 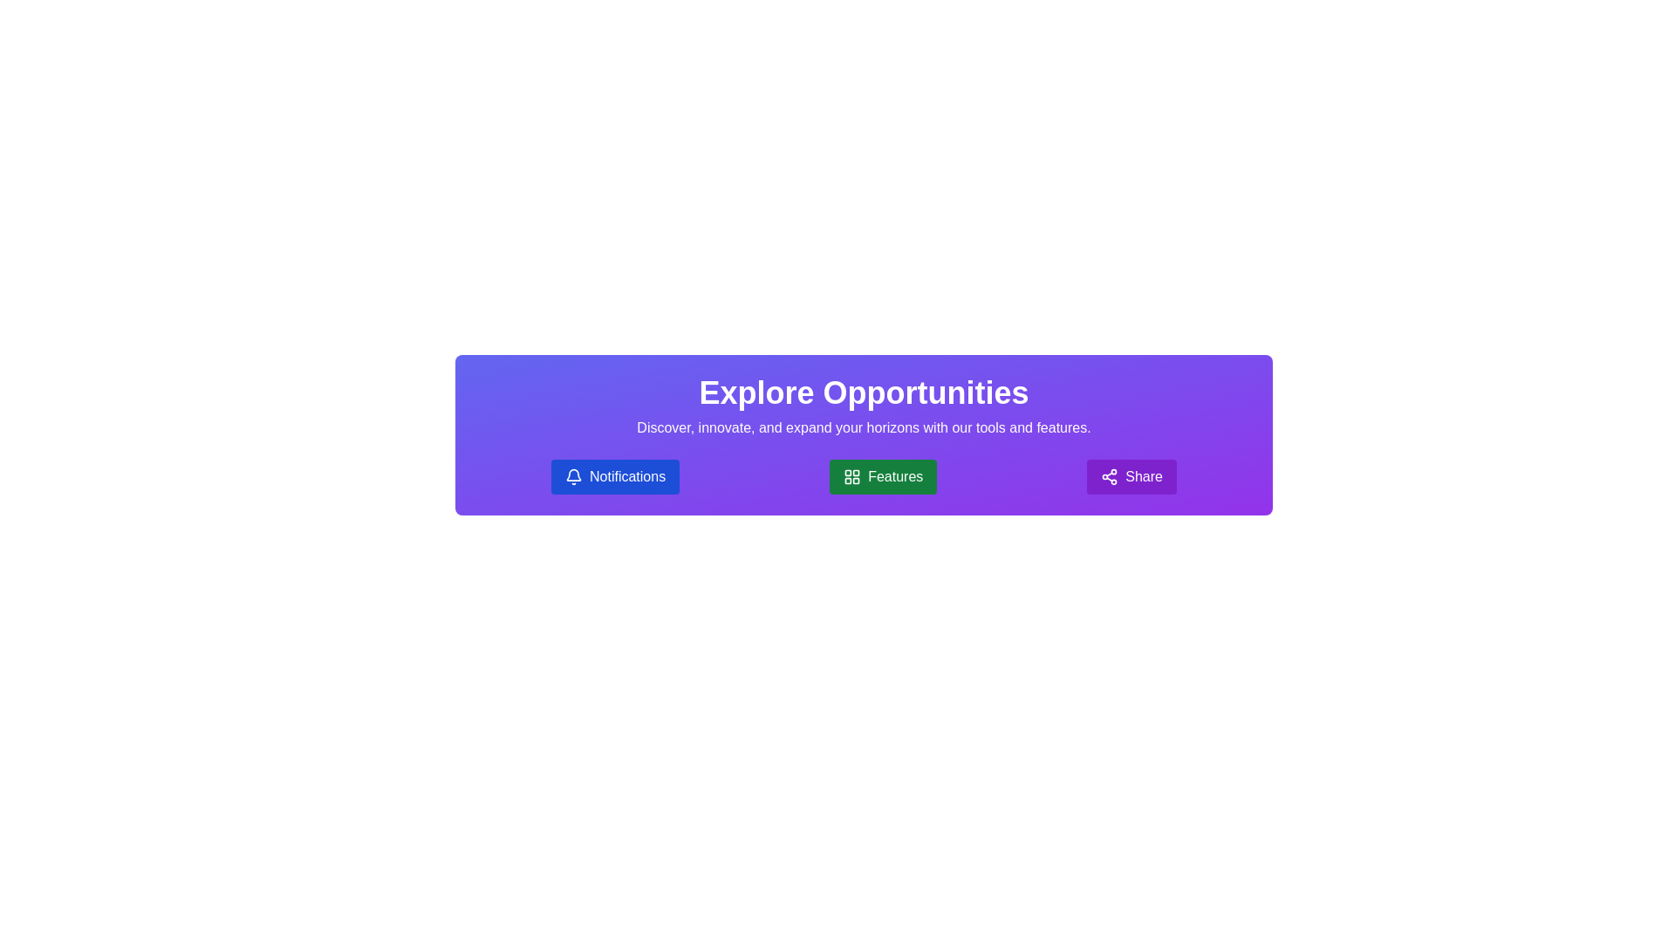 What do you see at coordinates (615, 477) in the screenshot?
I see `the 'Notifications' button, which is a rectangular button with a blue background and white text` at bounding box center [615, 477].